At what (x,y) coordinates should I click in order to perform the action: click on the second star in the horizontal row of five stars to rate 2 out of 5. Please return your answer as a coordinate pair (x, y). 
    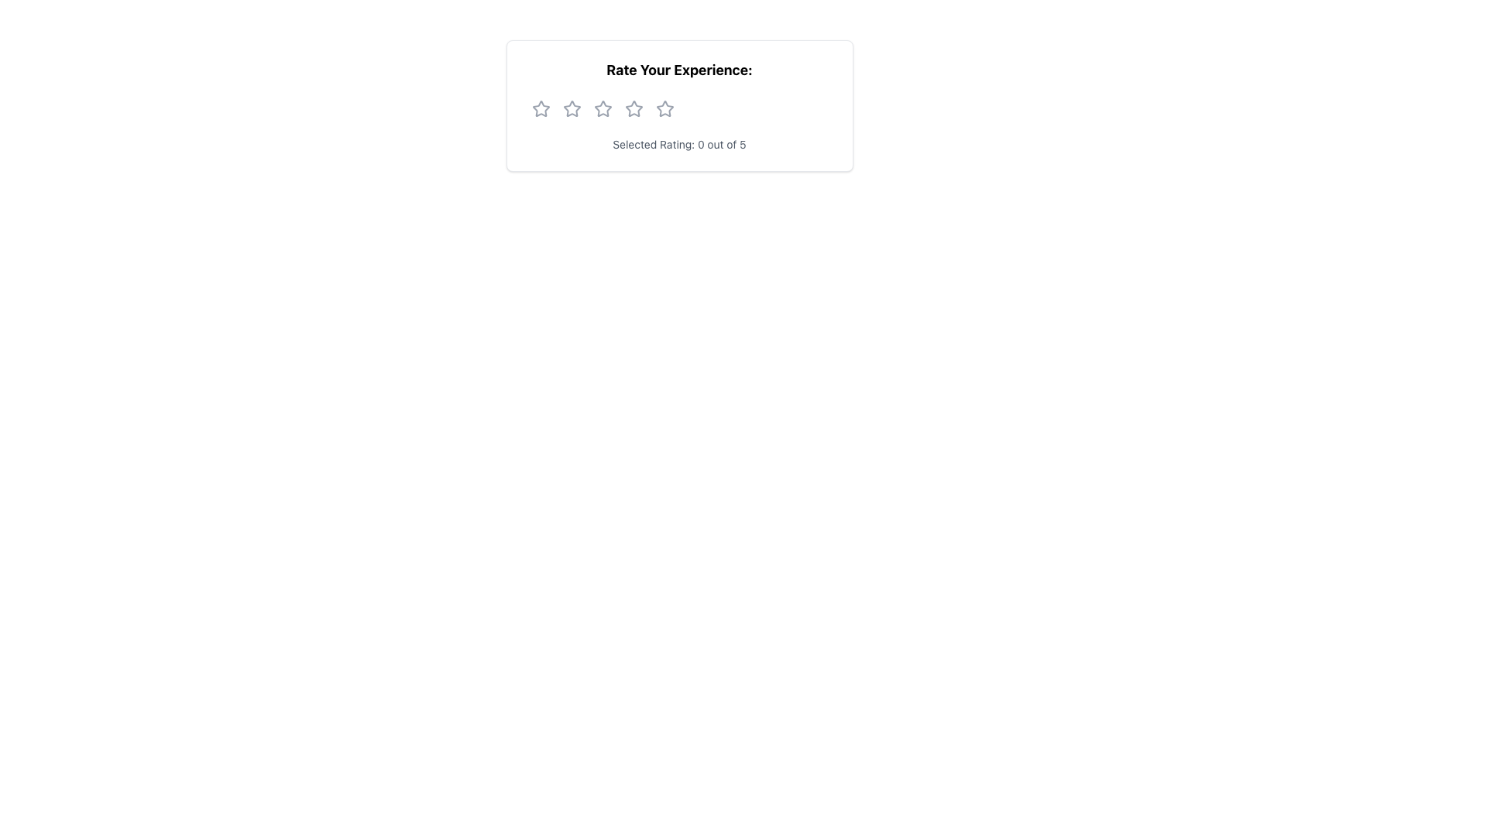
    Looking at the image, I should click on (571, 107).